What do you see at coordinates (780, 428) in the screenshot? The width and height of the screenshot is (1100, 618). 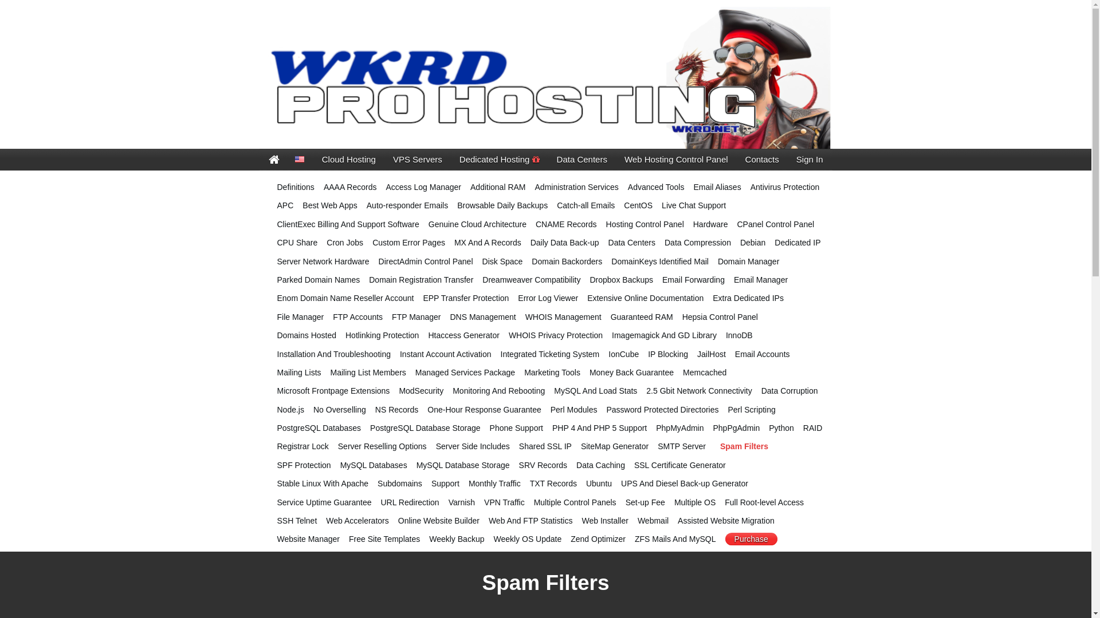 I see `'Python'` at bounding box center [780, 428].